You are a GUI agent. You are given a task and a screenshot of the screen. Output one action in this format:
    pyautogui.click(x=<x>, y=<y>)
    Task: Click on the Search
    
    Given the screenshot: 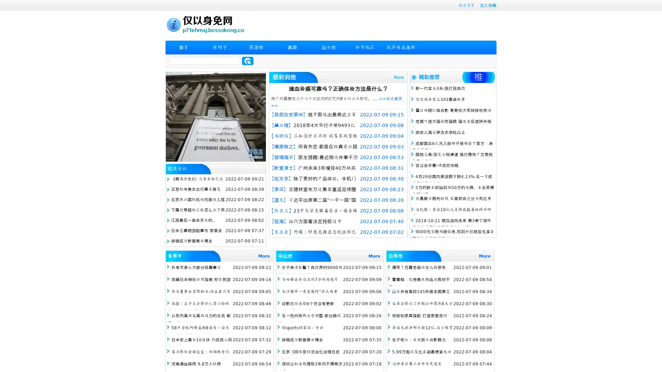 What is the action you would take?
    pyautogui.click(x=248, y=61)
    